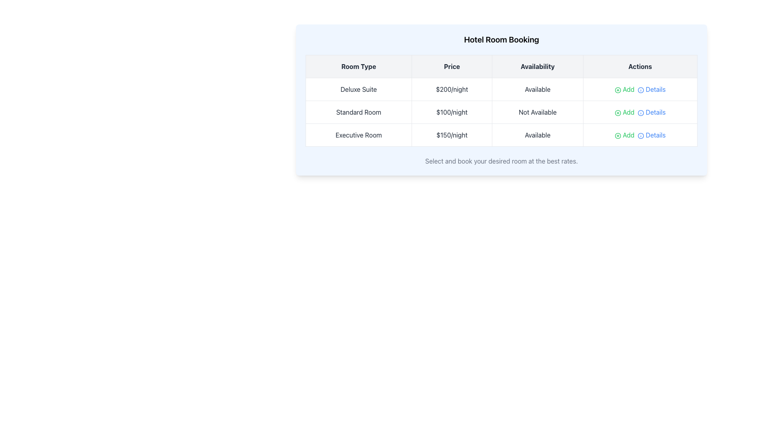  What do you see at coordinates (538, 89) in the screenshot?
I see `the availability status text label indicating that the 'Deluxe Suite' is available for booking, which is located in the third column of the first row of the table under the 'Availability' header` at bounding box center [538, 89].